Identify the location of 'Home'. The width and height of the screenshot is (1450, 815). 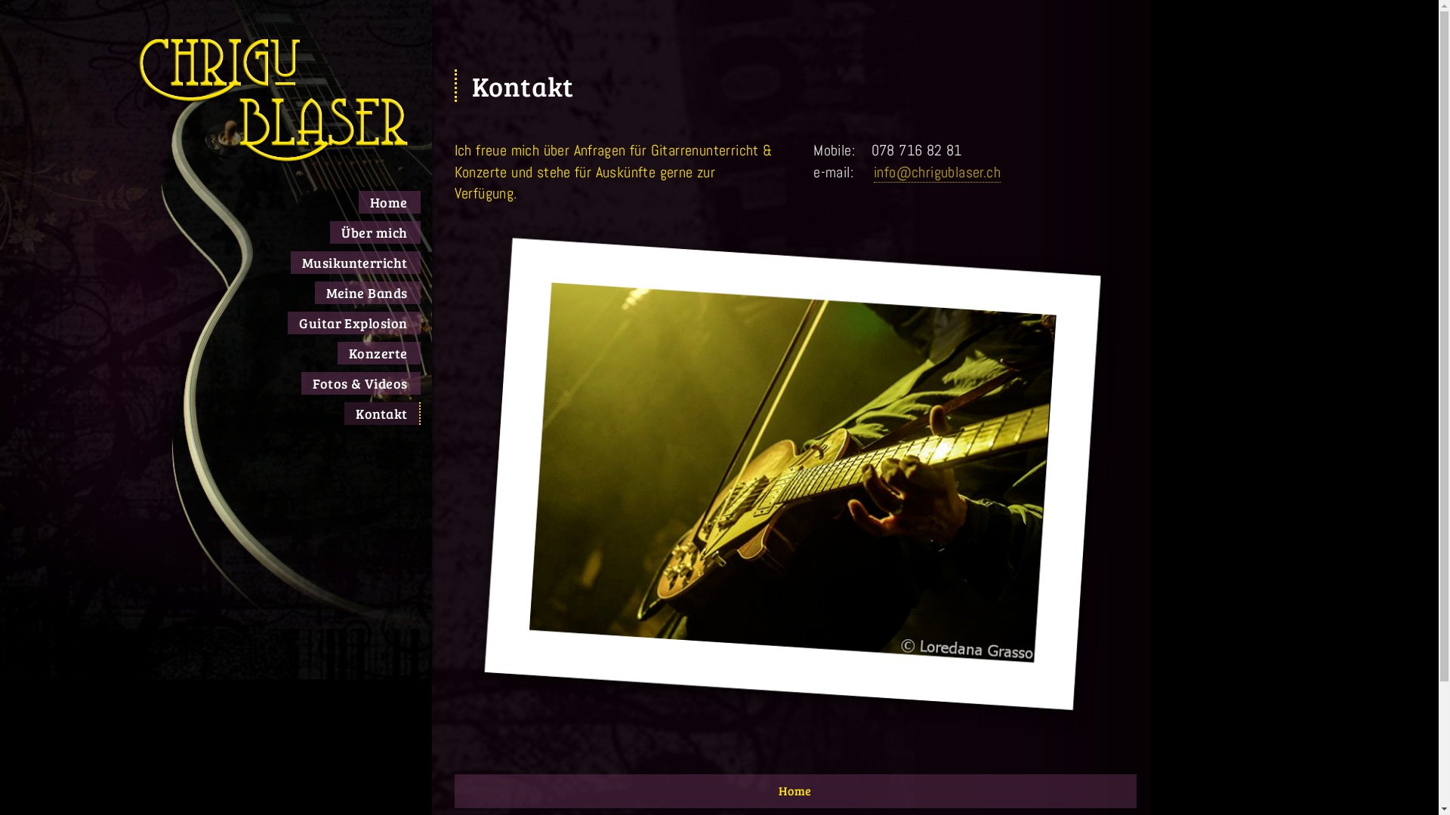
(441, 783).